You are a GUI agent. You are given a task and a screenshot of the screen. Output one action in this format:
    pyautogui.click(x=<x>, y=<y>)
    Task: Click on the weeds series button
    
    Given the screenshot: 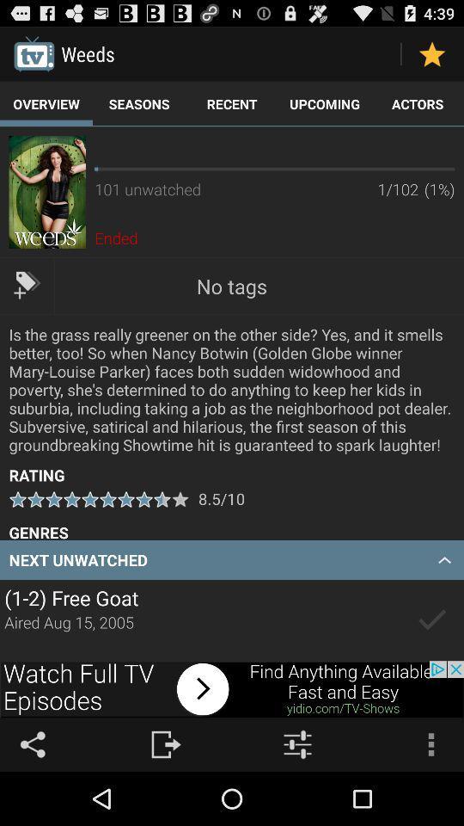 What is the action you would take?
    pyautogui.click(x=47, y=192)
    